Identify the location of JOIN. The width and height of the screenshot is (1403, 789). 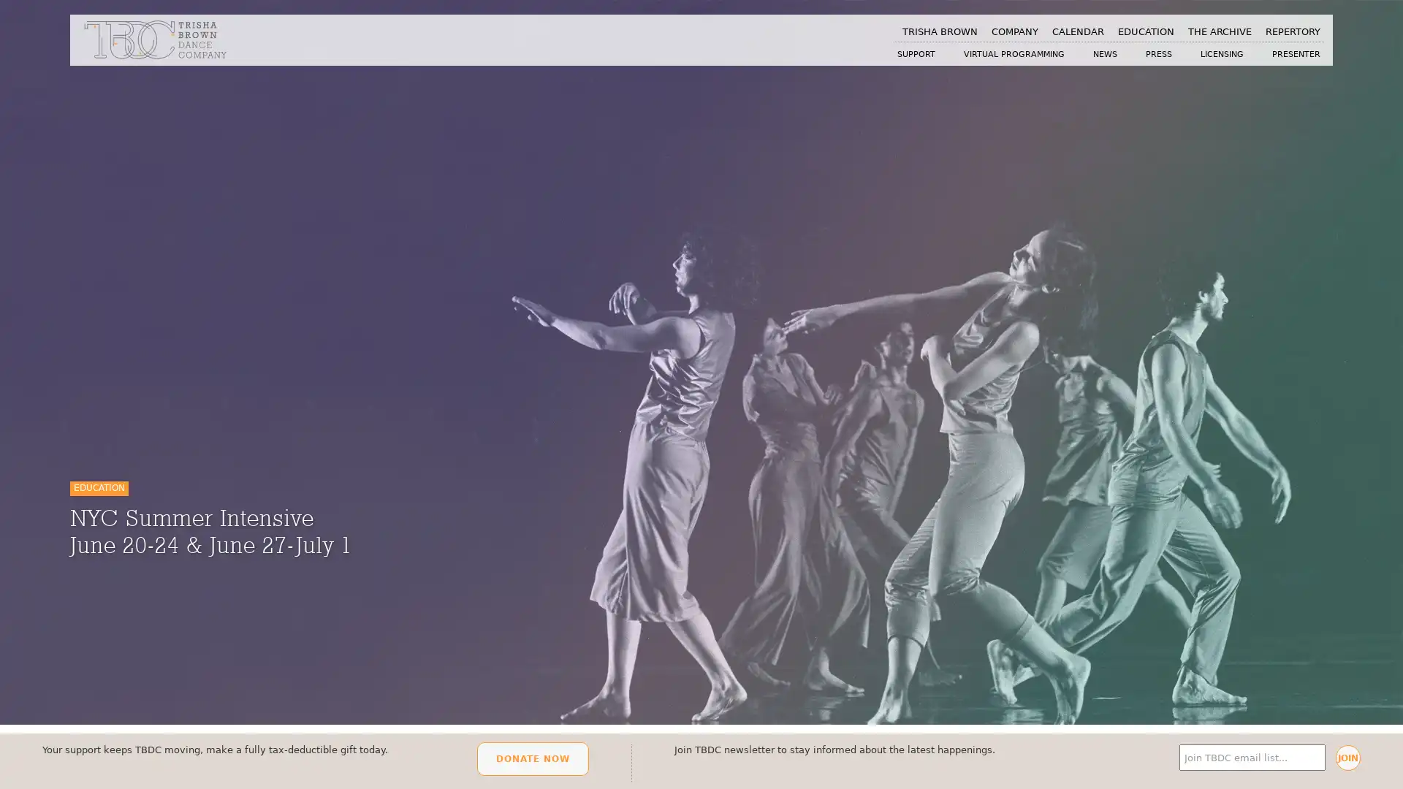
(1347, 757).